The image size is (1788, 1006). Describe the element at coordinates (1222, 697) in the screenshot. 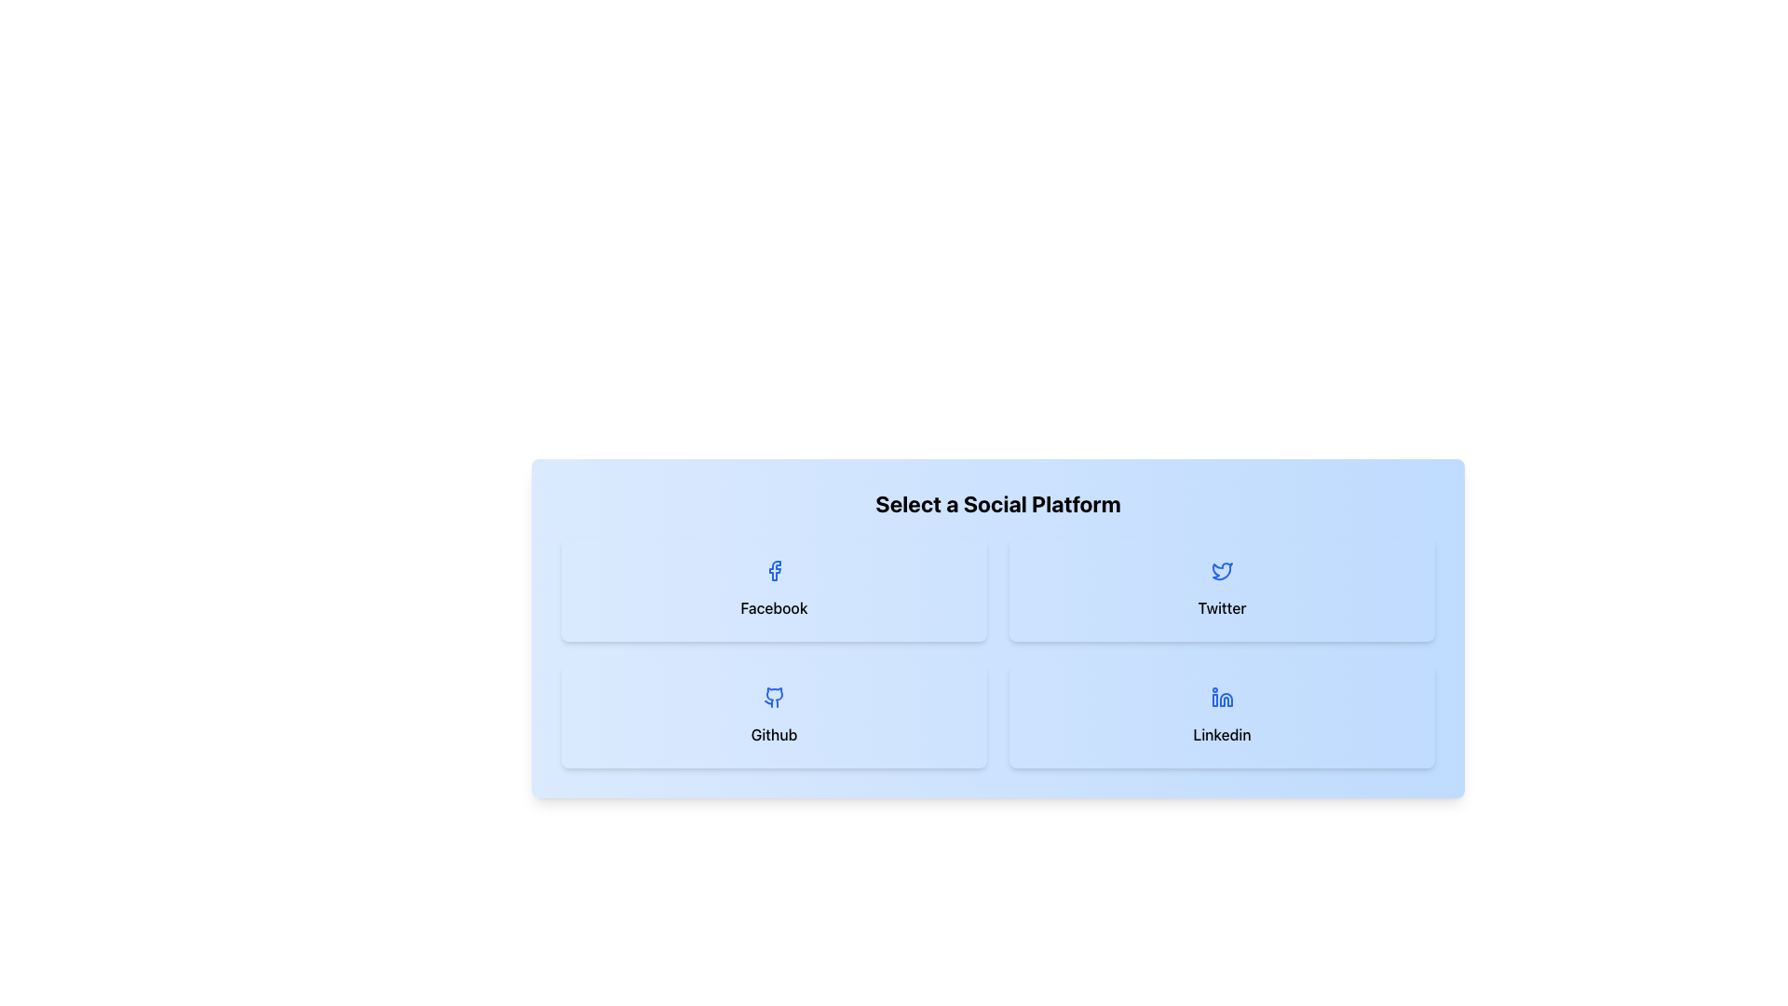

I see `the blue LinkedIn logo icon located in the center of the LinkedIn card, which is positioned below the title text` at that location.